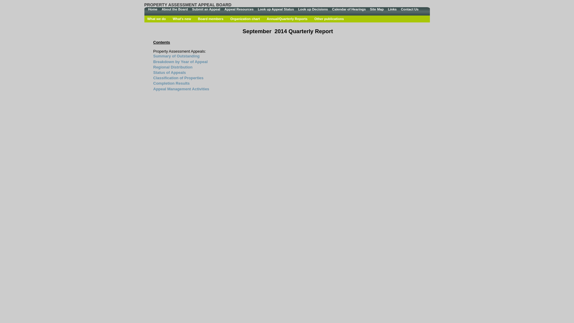 The height and width of the screenshot is (323, 574). What do you see at coordinates (156, 18) in the screenshot?
I see `'What we do'` at bounding box center [156, 18].